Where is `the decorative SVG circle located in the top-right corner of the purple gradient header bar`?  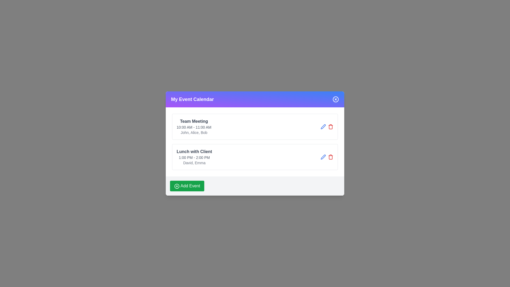 the decorative SVG circle located in the top-right corner of the purple gradient header bar is located at coordinates (335, 99).